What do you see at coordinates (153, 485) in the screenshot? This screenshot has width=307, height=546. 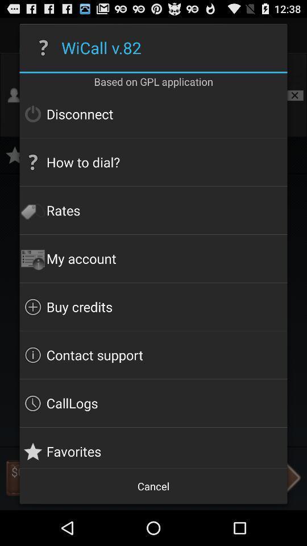 I see `the cancel icon` at bounding box center [153, 485].